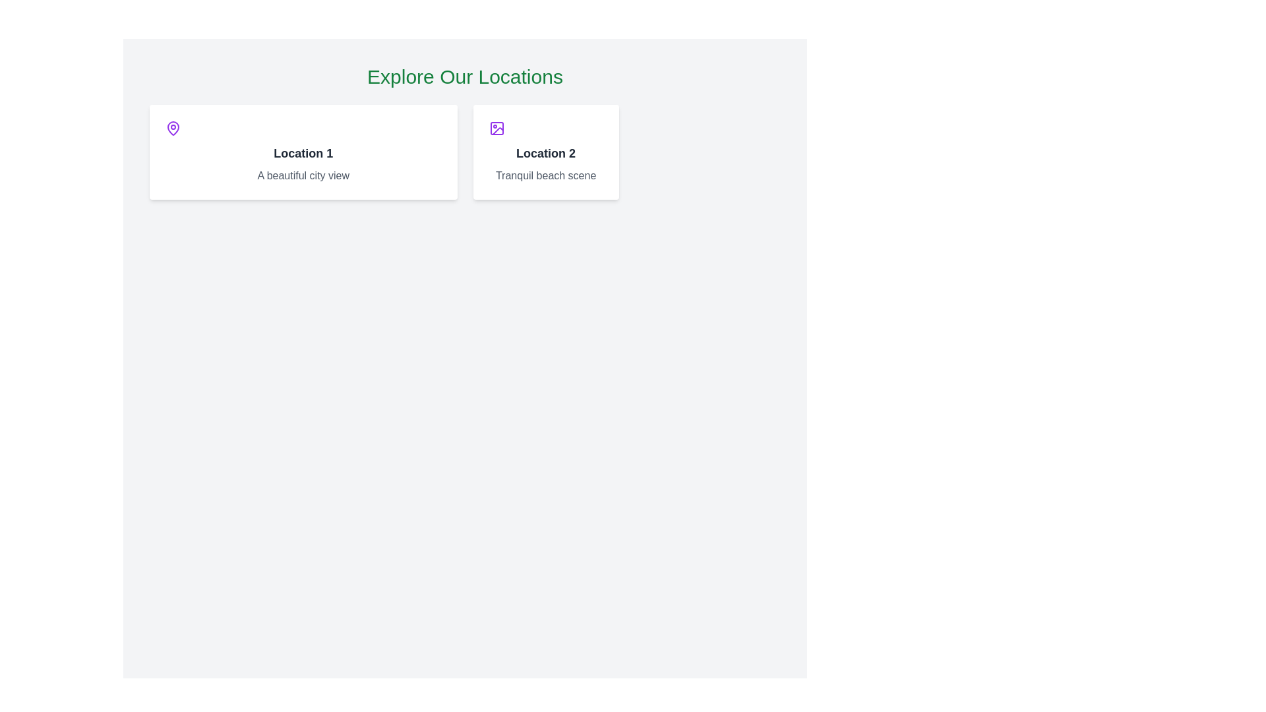 This screenshot has width=1266, height=712. What do you see at coordinates (496, 129) in the screenshot?
I see `the image icon located in the top-left corner of the second card labeled 'Location 2', which is designed with a rounded rectangular border and a mountain-like shape` at bounding box center [496, 129].